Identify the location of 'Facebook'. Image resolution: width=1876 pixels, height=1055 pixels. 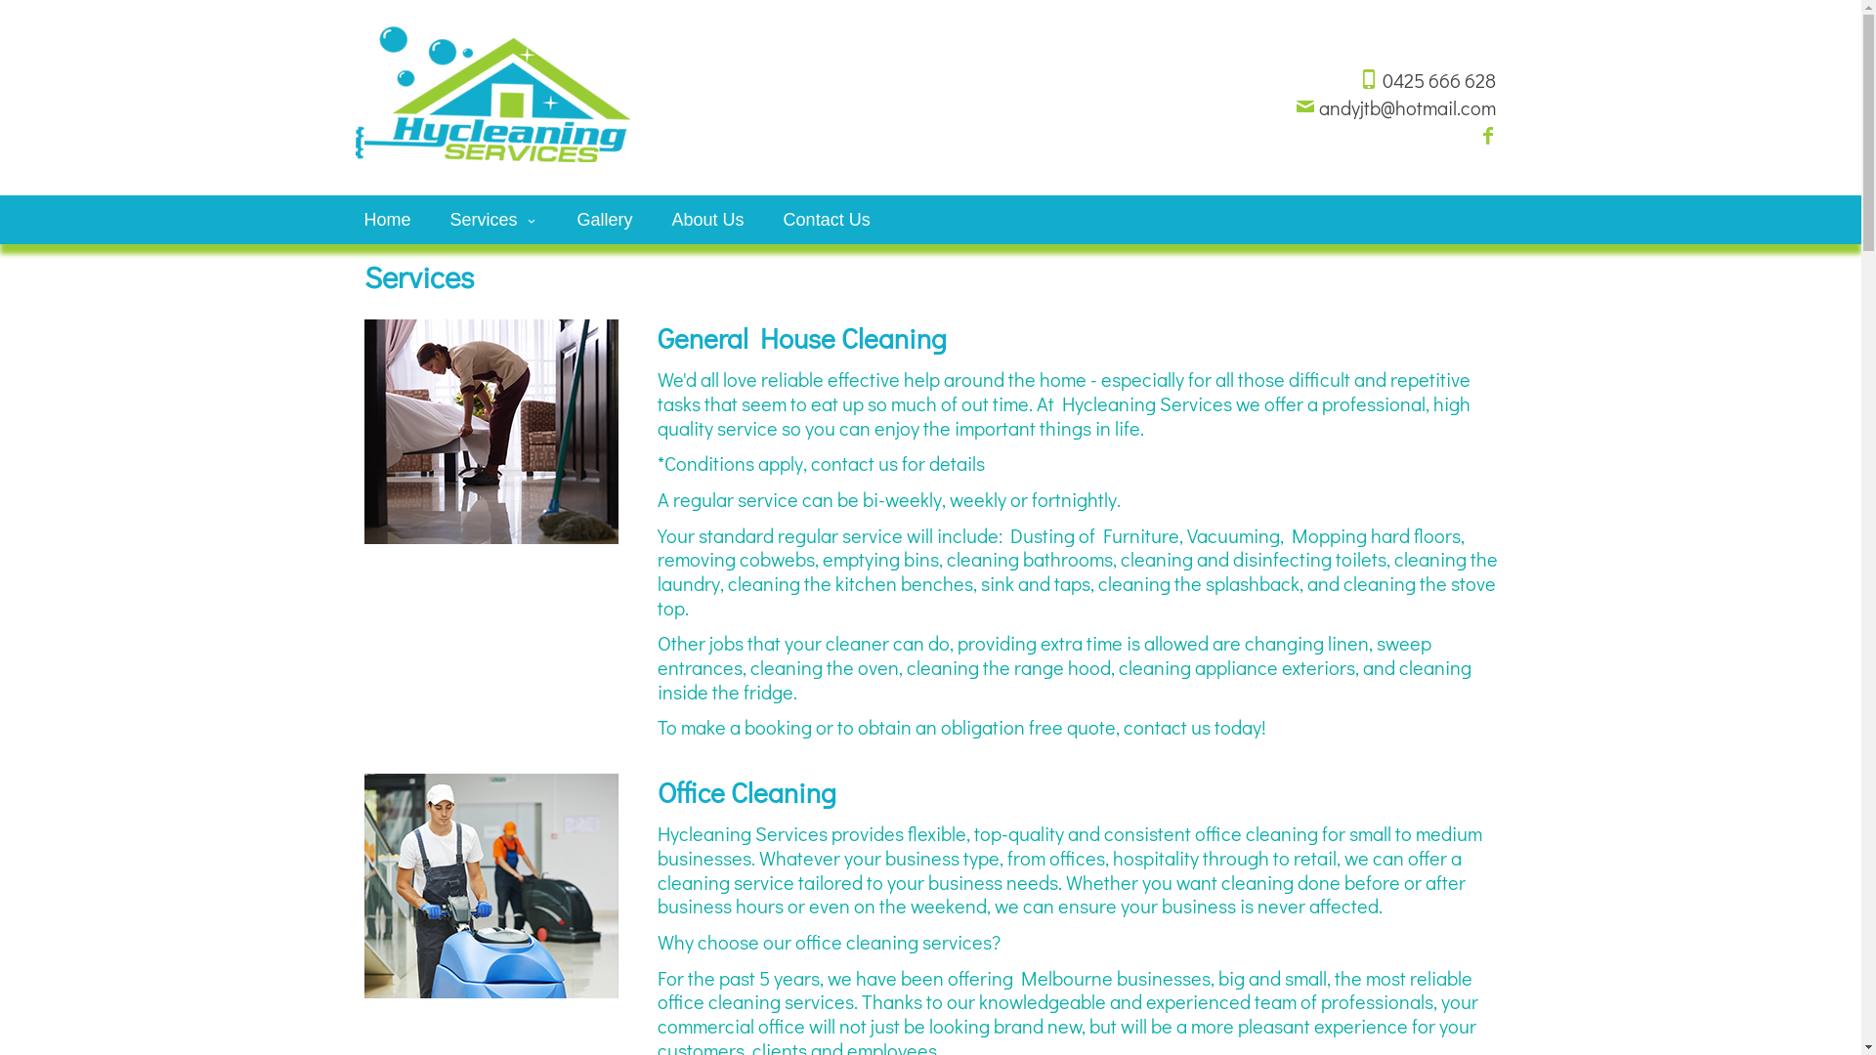
(1485, 135).